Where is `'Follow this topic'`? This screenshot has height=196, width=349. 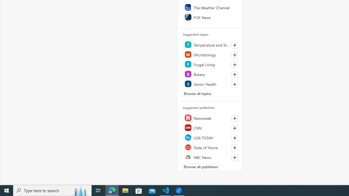 'Follow this topic' is located at coordinates (234, 84).